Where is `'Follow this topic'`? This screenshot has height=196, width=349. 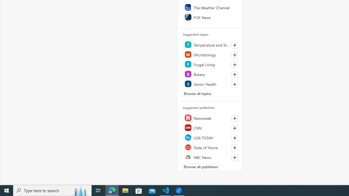 'Follow this topic' is located at coordinates (234, 84).